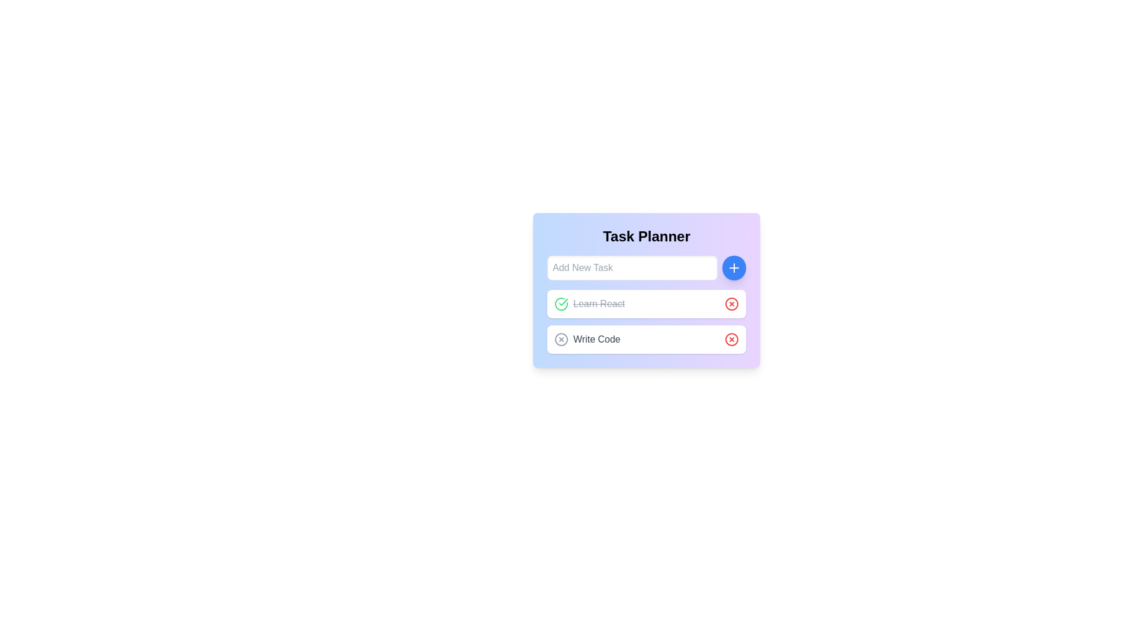 This screenshot has width=1136, height=639. Describe the element at coordinates (589, 303) in the screenshot. I see `the completed task labeled 'Learn React' in the second task block of the task list interface to provide feedback on its status` at that location.